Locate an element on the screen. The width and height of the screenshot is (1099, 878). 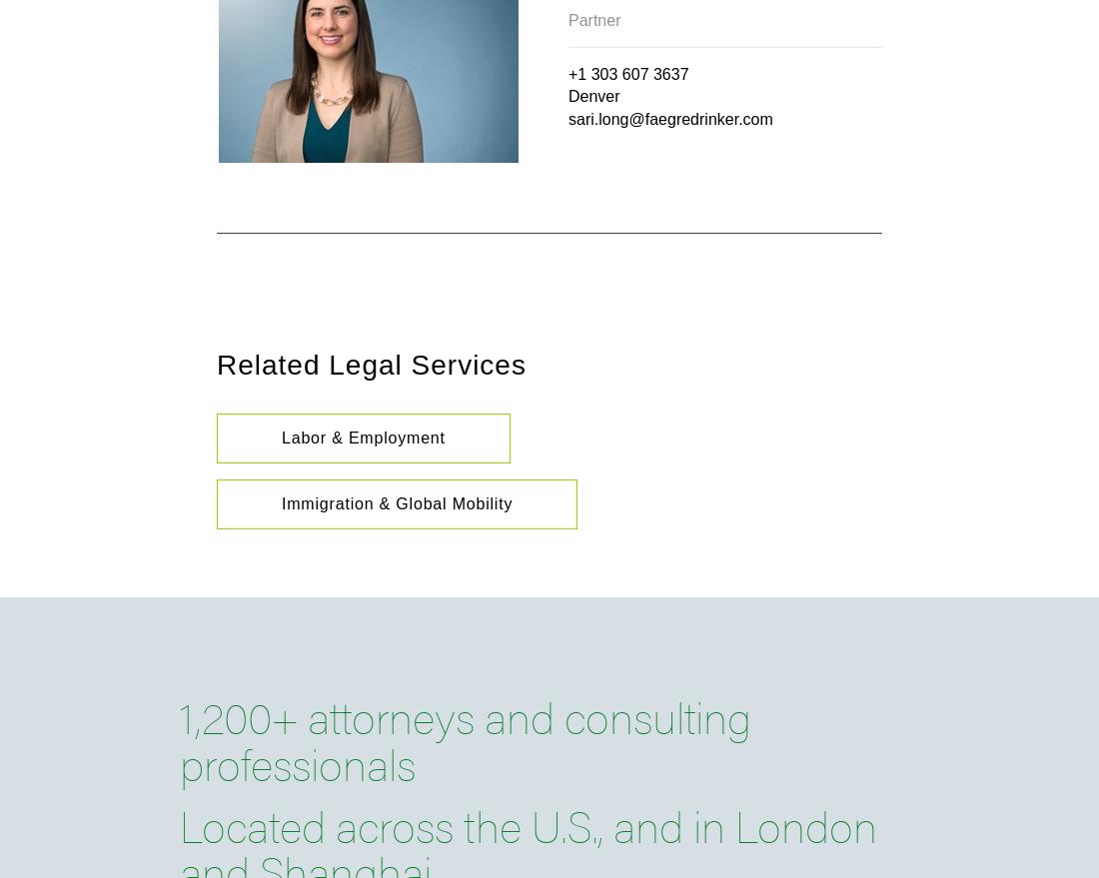
'Labor & Employment' is located at coordinates (363, 437).